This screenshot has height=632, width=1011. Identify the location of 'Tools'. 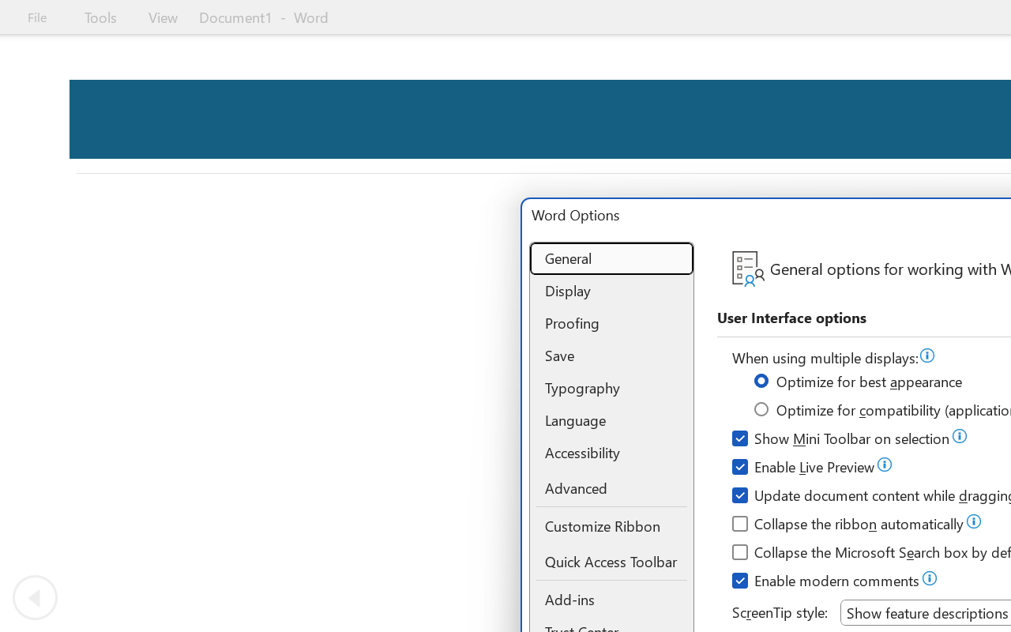
(100, 17).